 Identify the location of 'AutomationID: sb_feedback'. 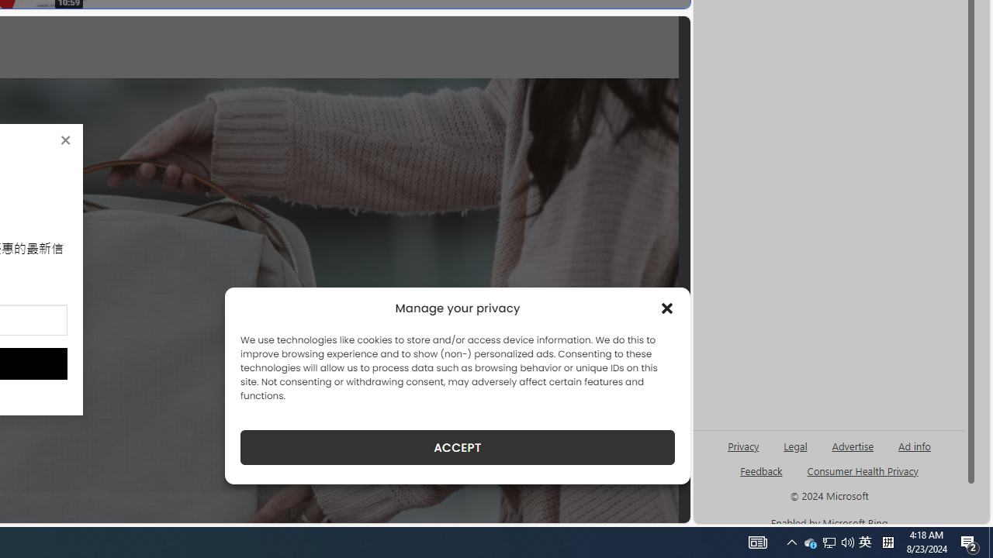
(761, 470).